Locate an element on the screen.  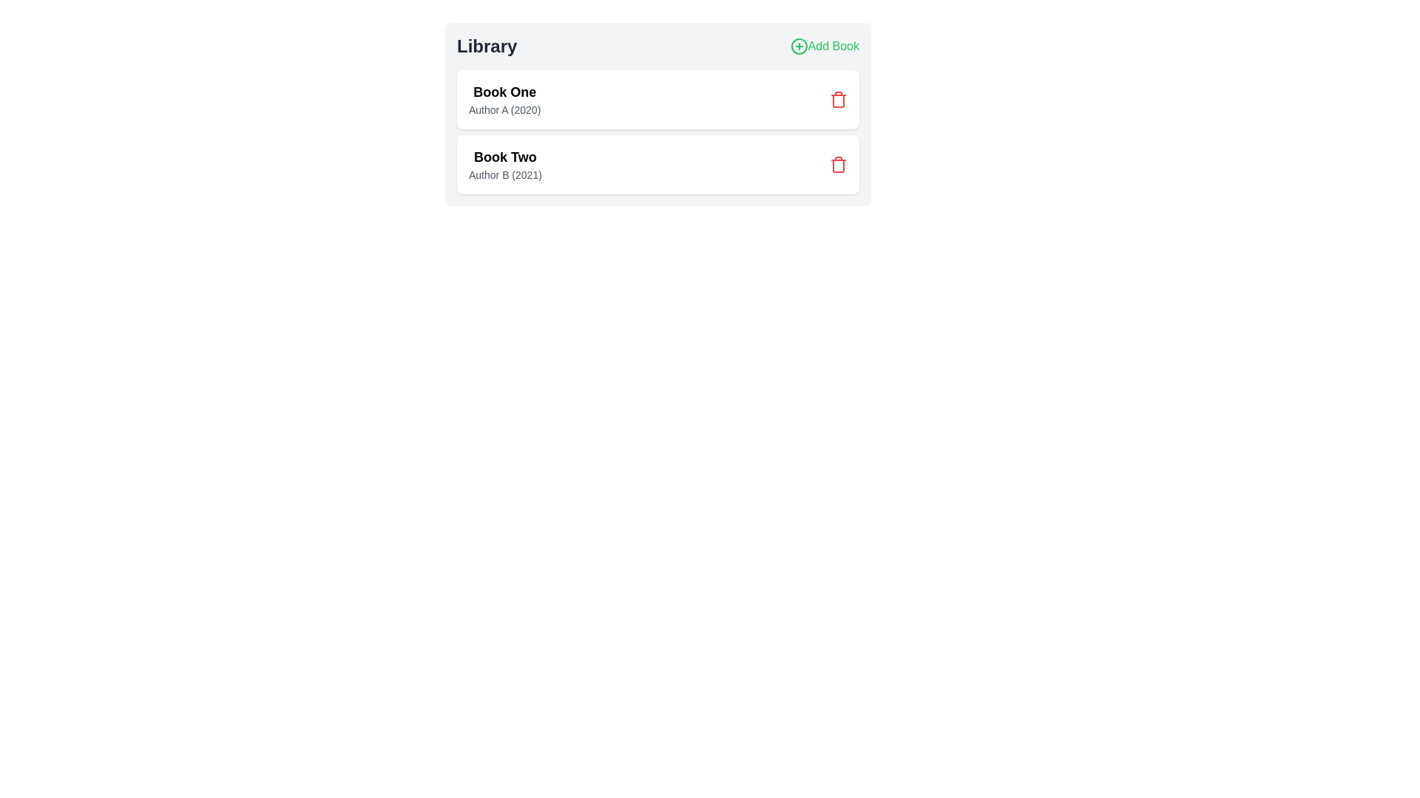
the bold text label reading 'Book One', which is positioned in the top-left section of the 'Library' interface, above the smaller text line 'Author A (2020)' is located at coordinates (504, 92).